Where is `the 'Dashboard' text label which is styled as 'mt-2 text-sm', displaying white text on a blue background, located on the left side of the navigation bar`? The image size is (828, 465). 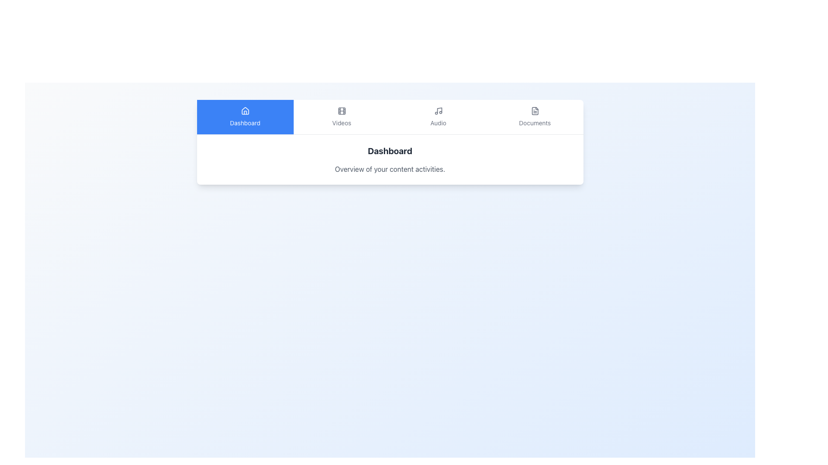 the 'Dashboard' text label which is styled as 'mt-2 text-sm', displaying white text on a blue background, located on the left side of the navigation bar is located at coordinates (245, 123).